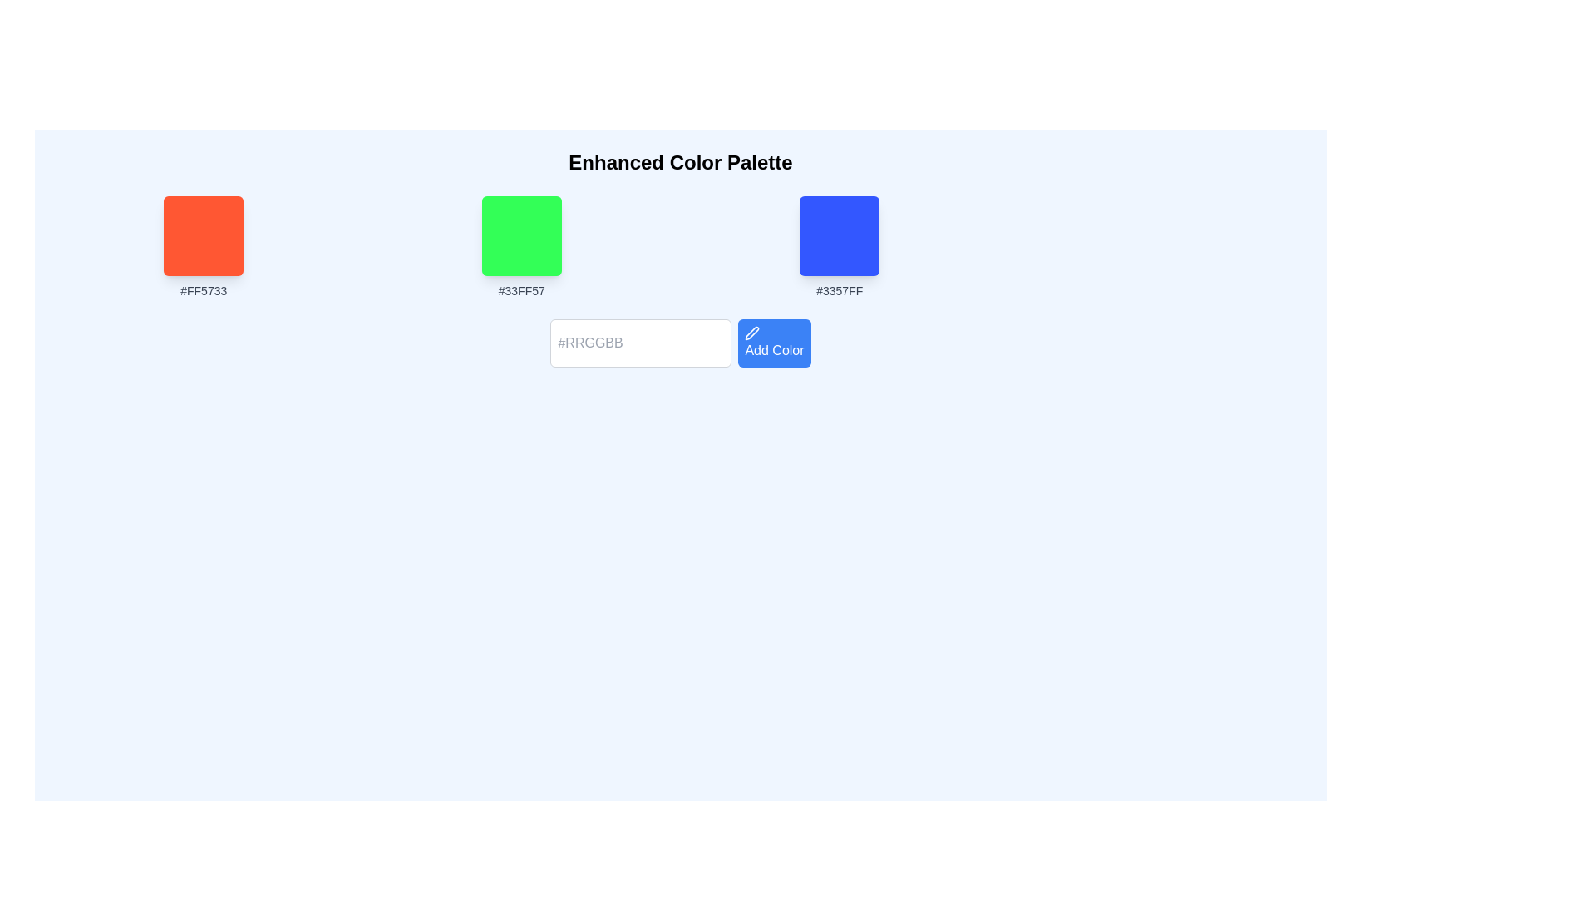 This screenshot has width=1596, height=898. Describe the element at coordinates (773, 342) in the screenshot. I see `the 'Add Color' button, which is a rectangular button with a blue background and white text, located to the right of the '#RRGGBB' text input field` at that location.